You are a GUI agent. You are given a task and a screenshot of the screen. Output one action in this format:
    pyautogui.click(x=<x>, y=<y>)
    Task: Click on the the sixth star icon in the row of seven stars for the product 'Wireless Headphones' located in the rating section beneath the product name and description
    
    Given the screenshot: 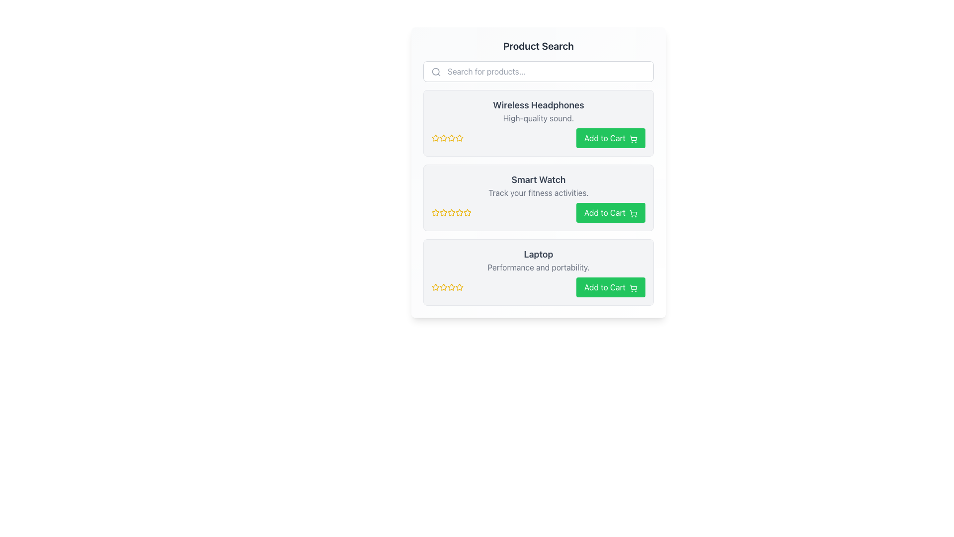 What is the action you would take?
    pyautogui.click(x=459, y=138)
    